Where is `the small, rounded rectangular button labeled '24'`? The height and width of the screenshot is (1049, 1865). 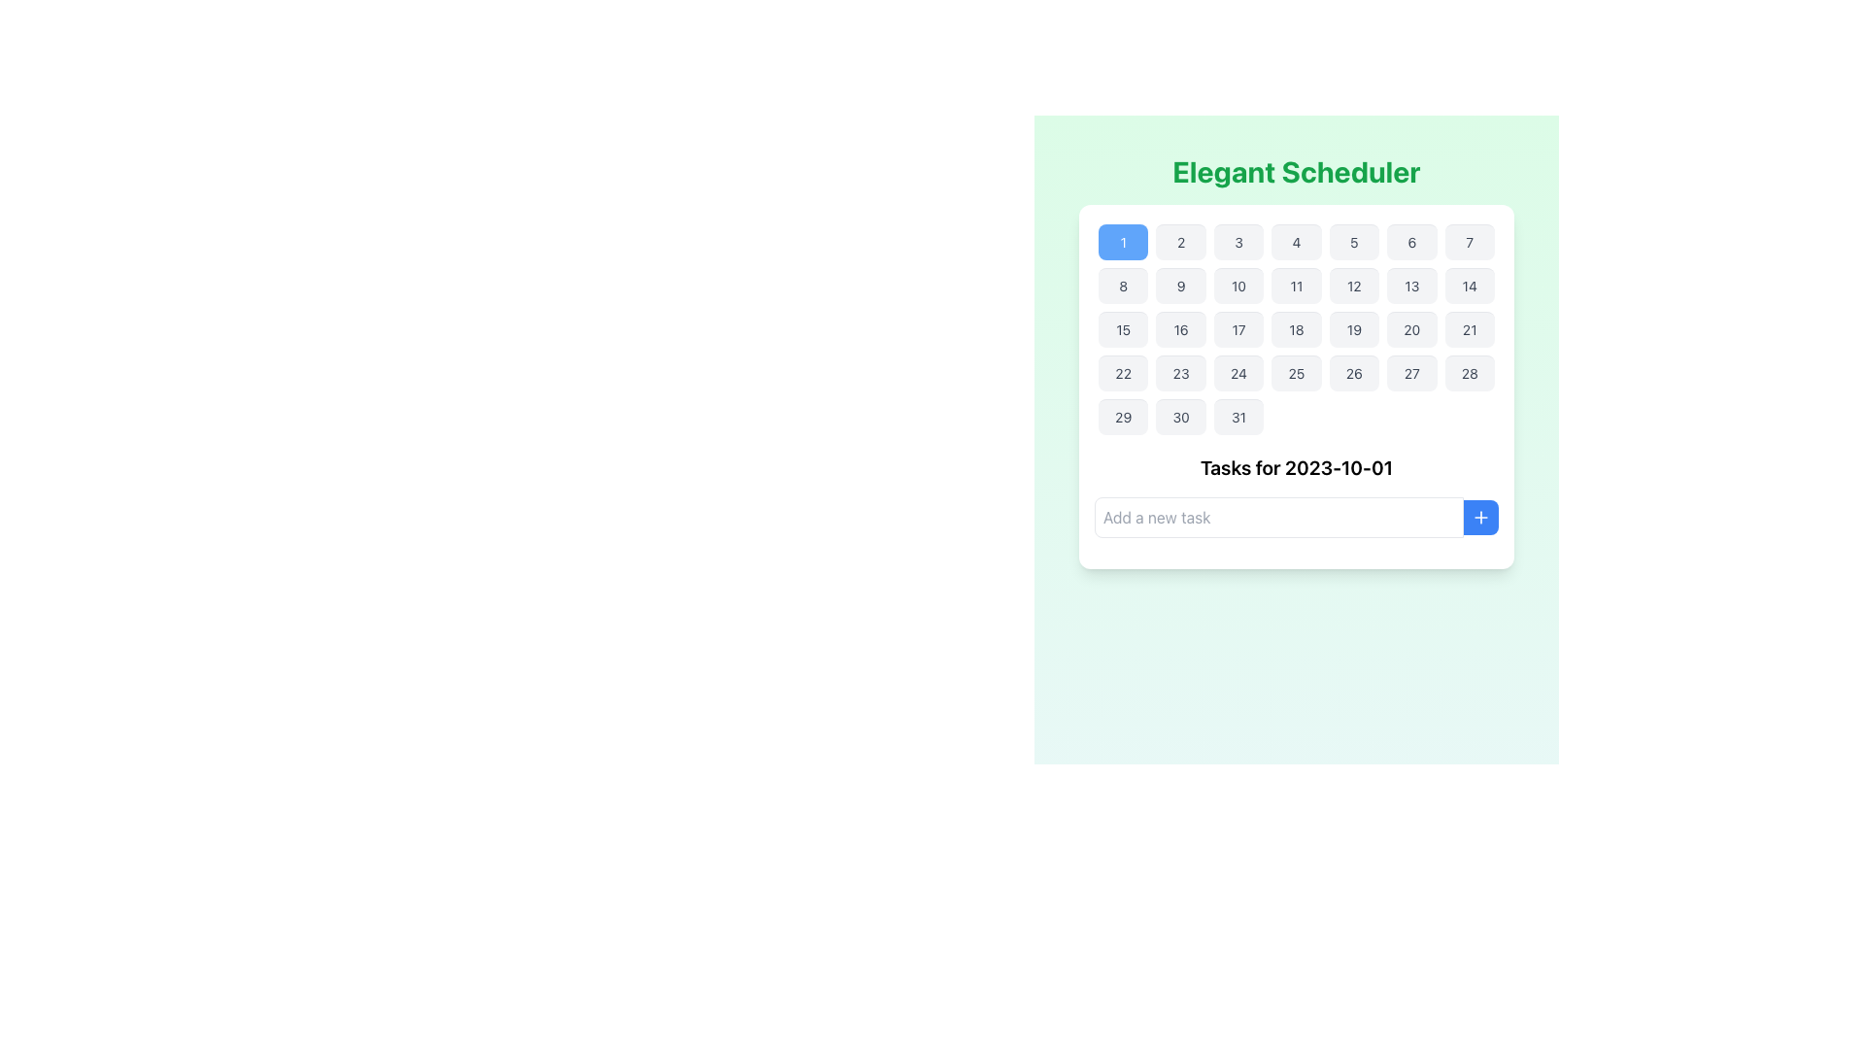 the small, rounded rectangular button labeled '24' is located at coordinates (1238, 373).